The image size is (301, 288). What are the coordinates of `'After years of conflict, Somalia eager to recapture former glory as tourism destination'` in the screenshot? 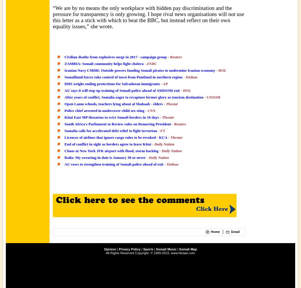 It's located at (134, 97).